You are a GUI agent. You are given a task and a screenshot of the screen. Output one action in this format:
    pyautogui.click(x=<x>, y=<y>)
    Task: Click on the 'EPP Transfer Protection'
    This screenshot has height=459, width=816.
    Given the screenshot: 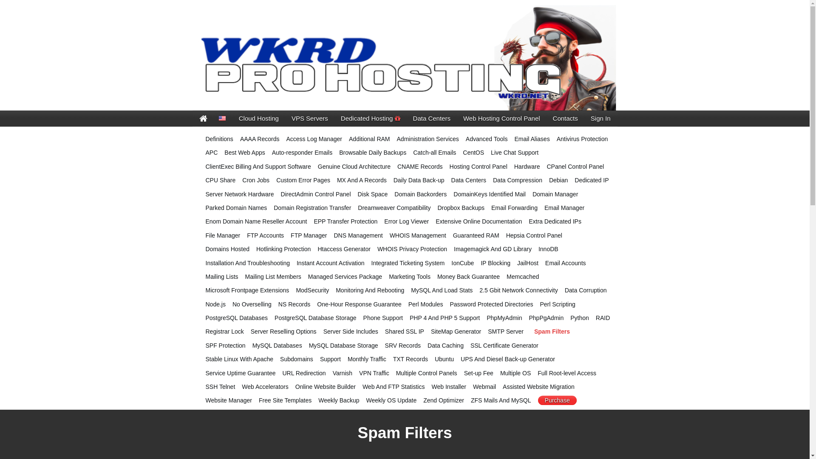 What is the action you would take?
    pyautogui.click(x=345, y=221)
    